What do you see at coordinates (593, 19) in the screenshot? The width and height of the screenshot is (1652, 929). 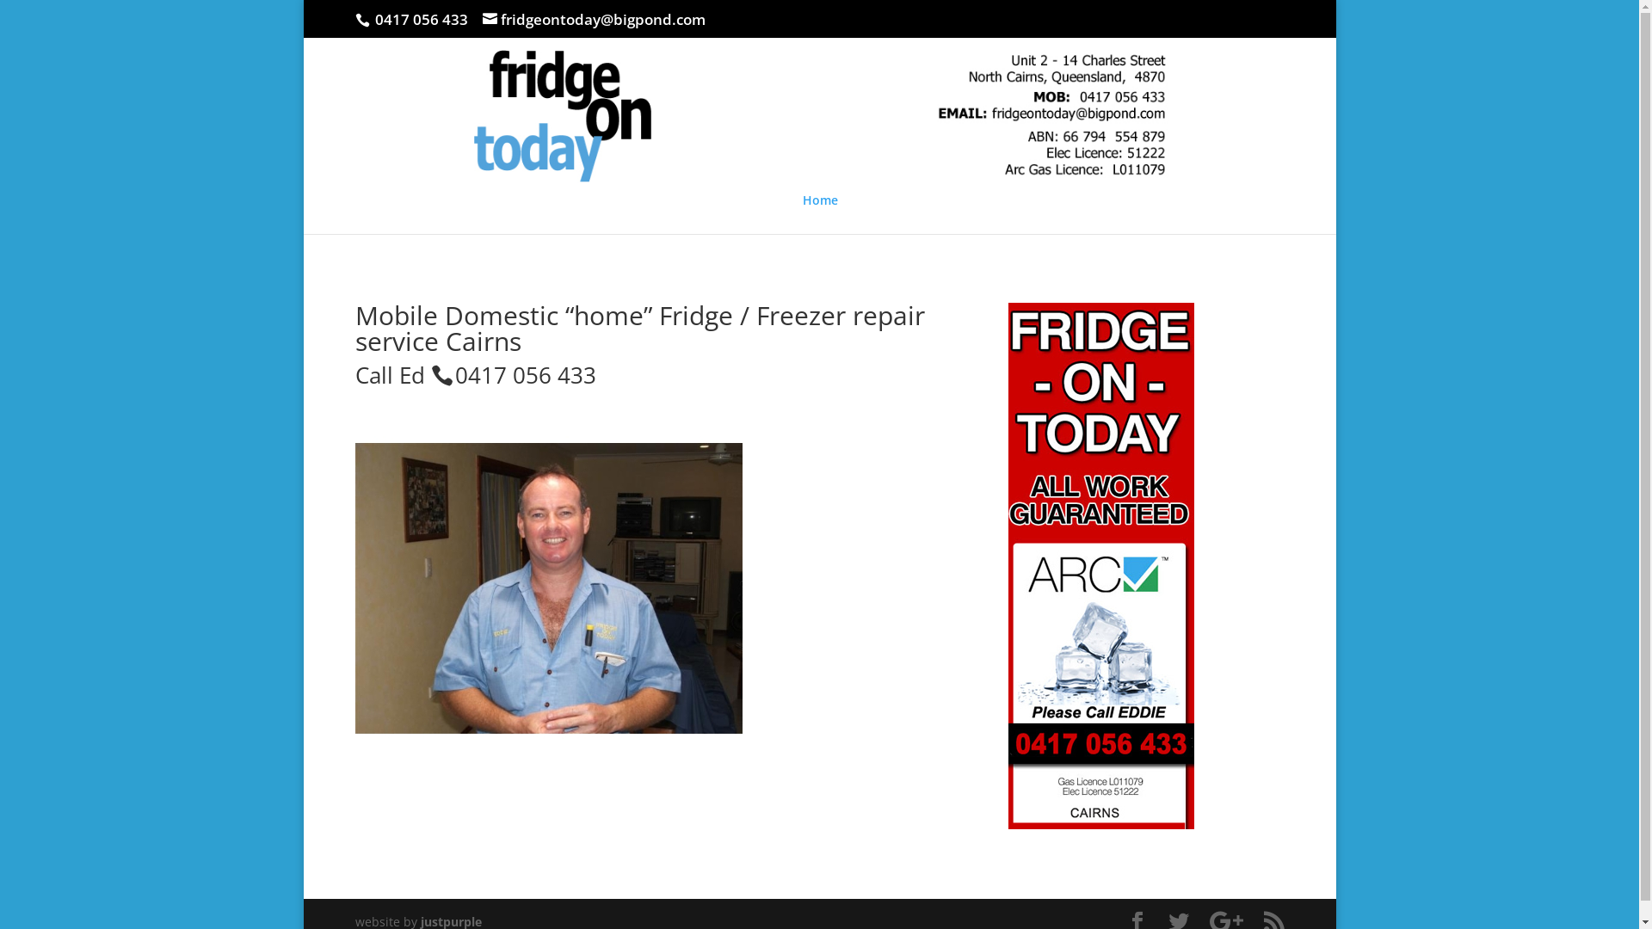 I see `'fridgeontoday@bigpond.com'` at bounding box center [593, 19].